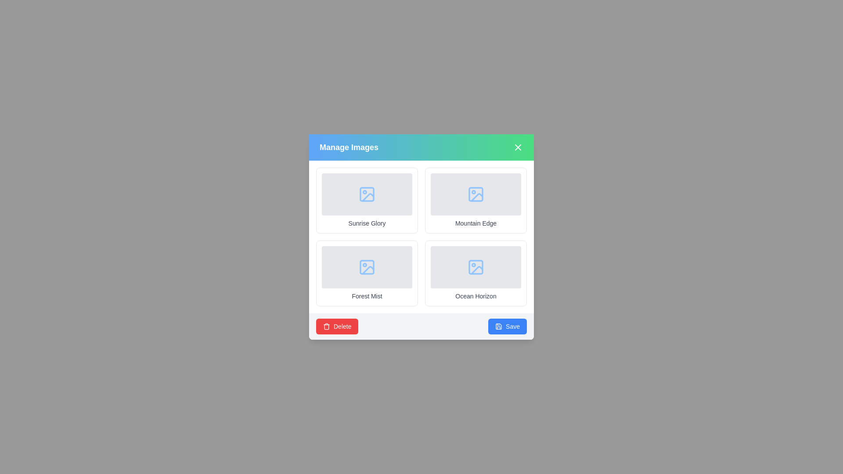 The width and height of the screenshot is (843, 474). Describe the element at coordinates (367, 267) in the screenshot. I see `the decorative icon within the bottom-left image placeholder labeled 'Forest Mist', which is centrally located in the icon` at that location.